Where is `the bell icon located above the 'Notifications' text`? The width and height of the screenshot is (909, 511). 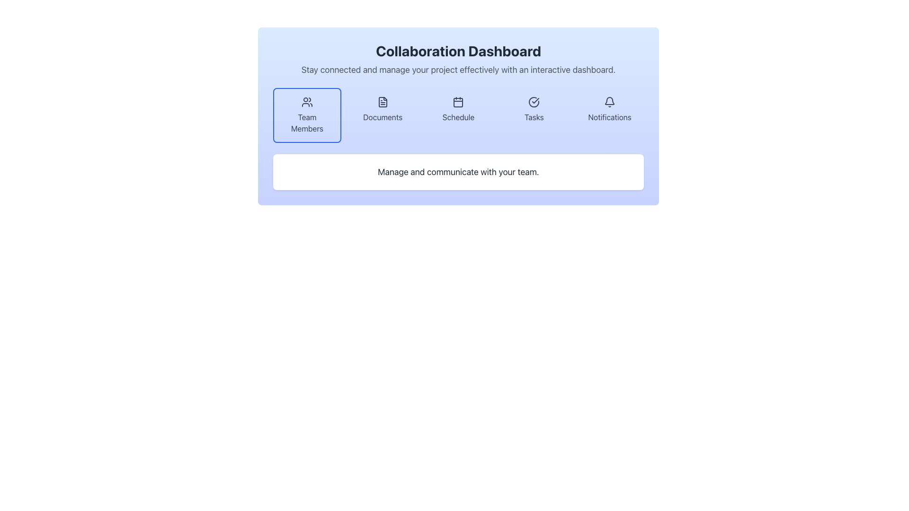
the bell icon located above the 'Notifications' text is located at coordinates (610, 102).